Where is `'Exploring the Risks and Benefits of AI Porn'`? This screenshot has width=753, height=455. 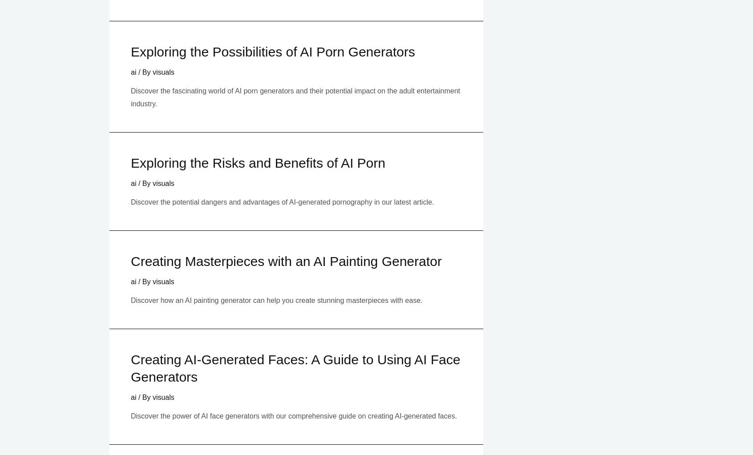
'Exploring the Risks and Benefits of AI Porn' is located at coordinates (257, 162).